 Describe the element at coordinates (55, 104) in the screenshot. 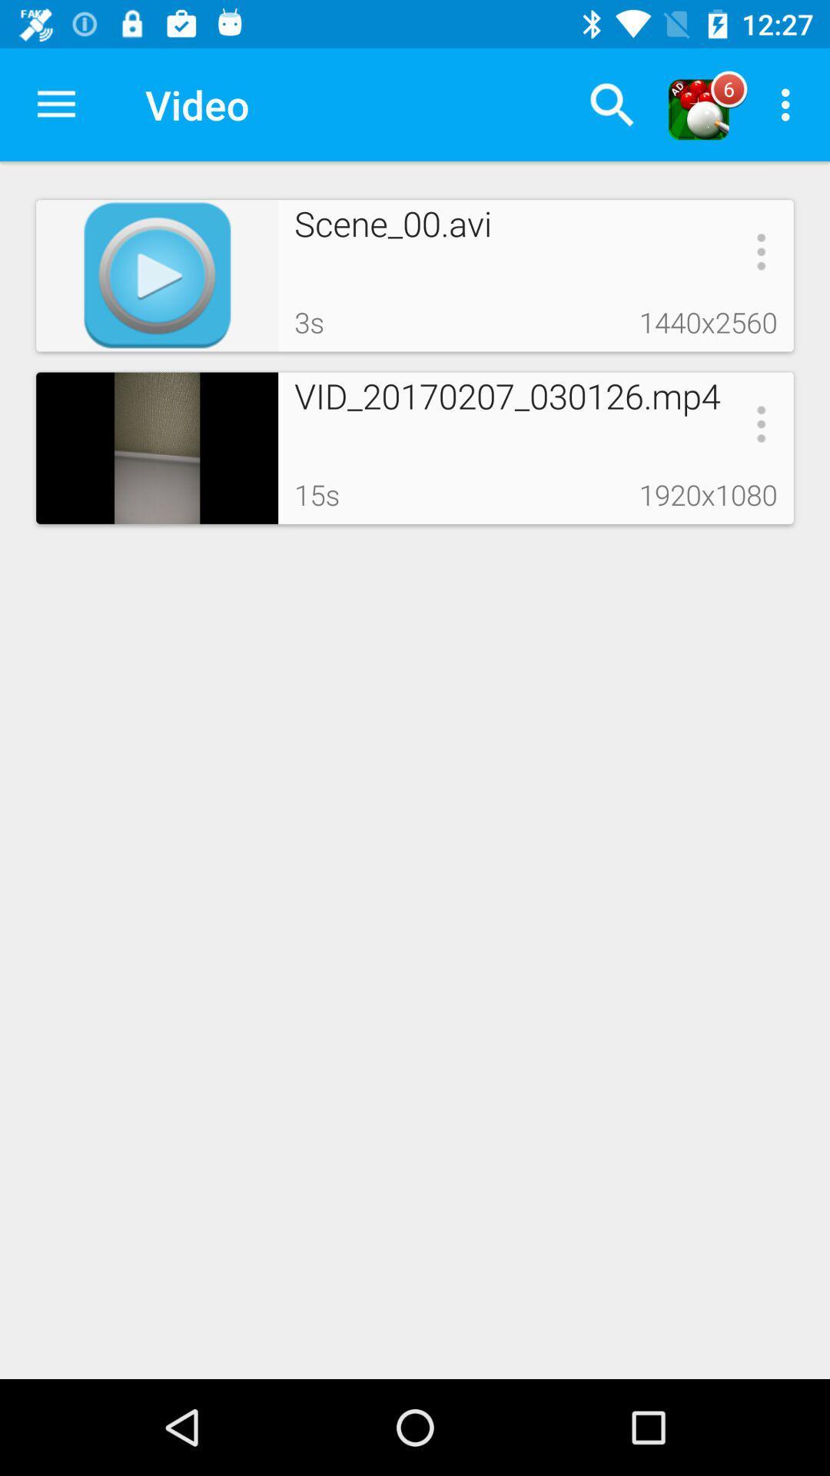

I see `the item to the left of video` at that location.